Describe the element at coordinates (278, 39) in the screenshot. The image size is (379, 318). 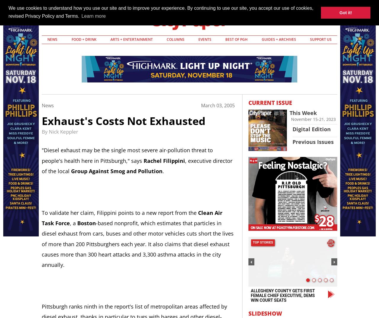
I see `'Guides + Archives'` at that location.